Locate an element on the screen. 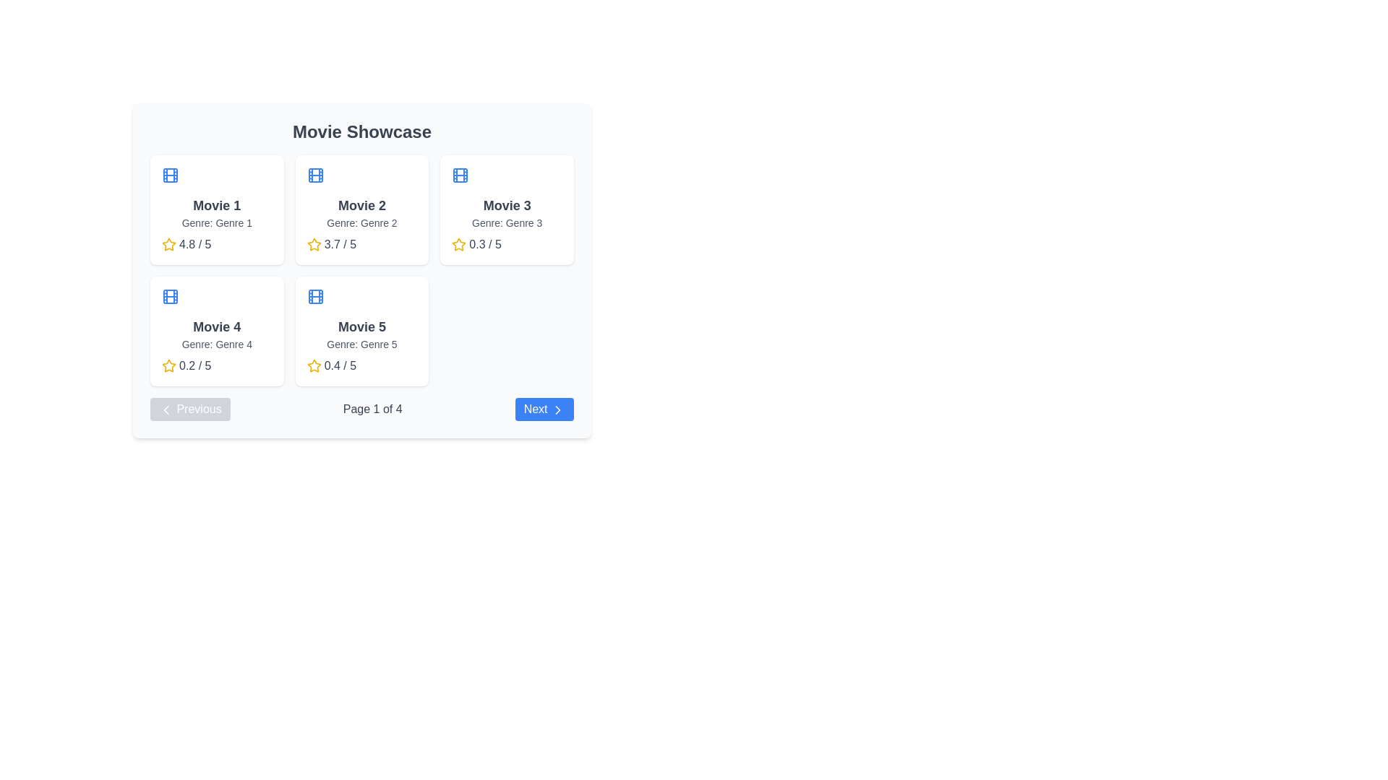 The height and width of the screenshot is (780, 1388). the chevron icon located within the 'Next' button at the bottom-right corner of the interface is located at coordinates (557, 409).